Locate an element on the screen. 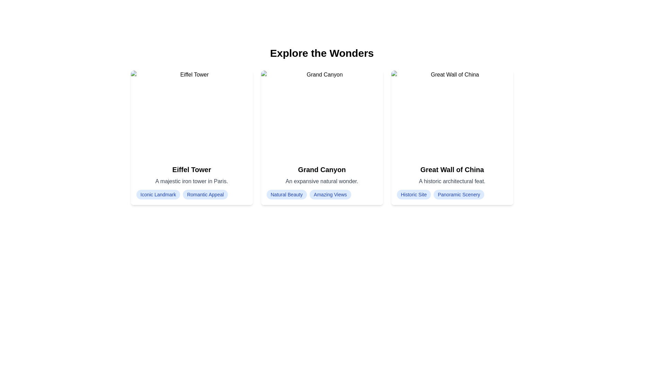  the tag group located within the 'Eiffel Tower' card, beneath the description 'A majestic iron tower in Paris.' is located at coordinates (192, 195).